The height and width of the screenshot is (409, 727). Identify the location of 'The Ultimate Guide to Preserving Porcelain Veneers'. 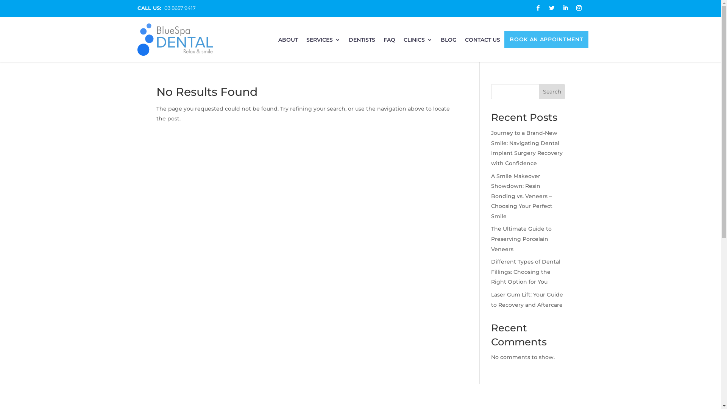
(491, 239).